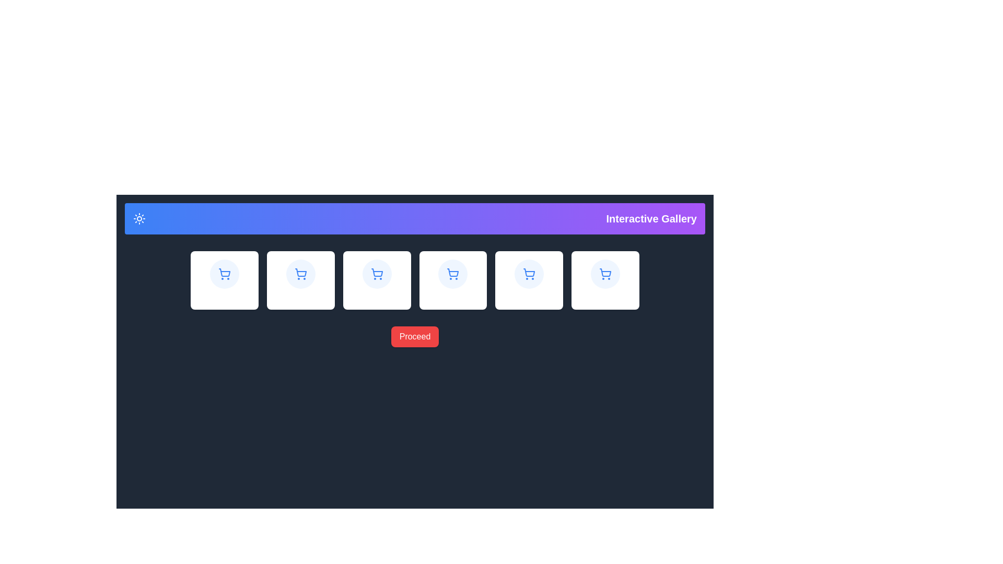  I want to click on the Card Button which is a rounded-rectangle with a white background and a blue shopping cart icon in the middle of a light blue circle, located in the middle row of a horizontal grid of six cards, so click(376, 279).